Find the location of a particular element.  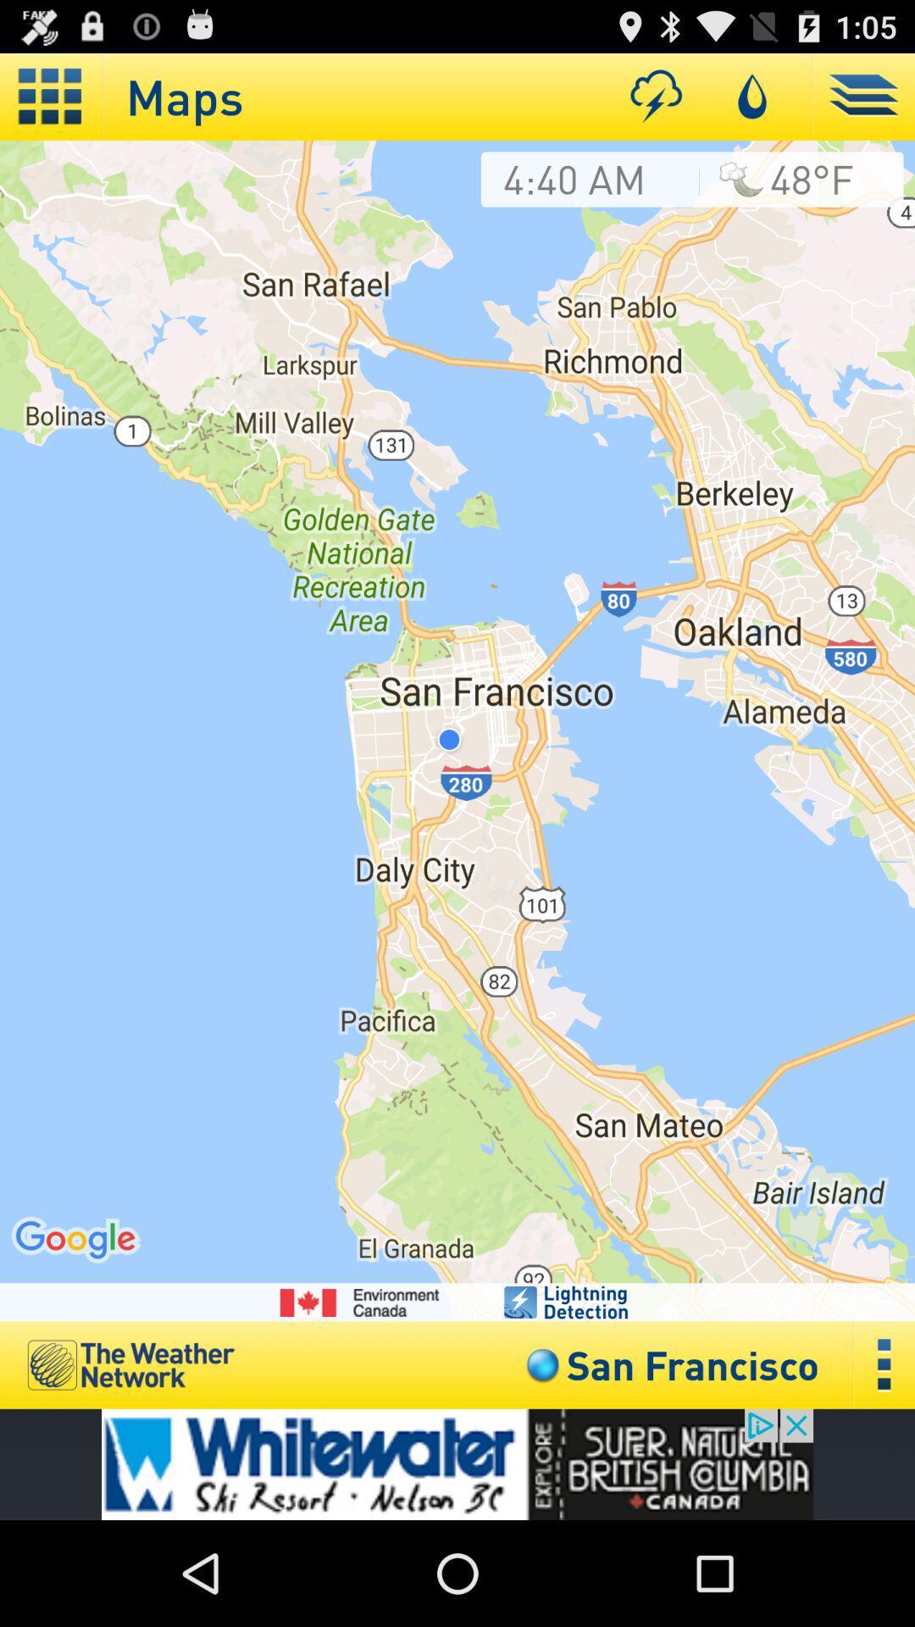

settings option is located at coordinates (884, 1365).